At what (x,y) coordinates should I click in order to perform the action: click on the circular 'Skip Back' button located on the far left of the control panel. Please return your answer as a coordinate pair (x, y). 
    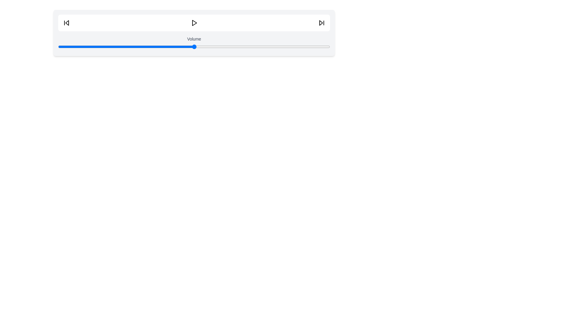
    Looking at the image, I should click on (66, 23).